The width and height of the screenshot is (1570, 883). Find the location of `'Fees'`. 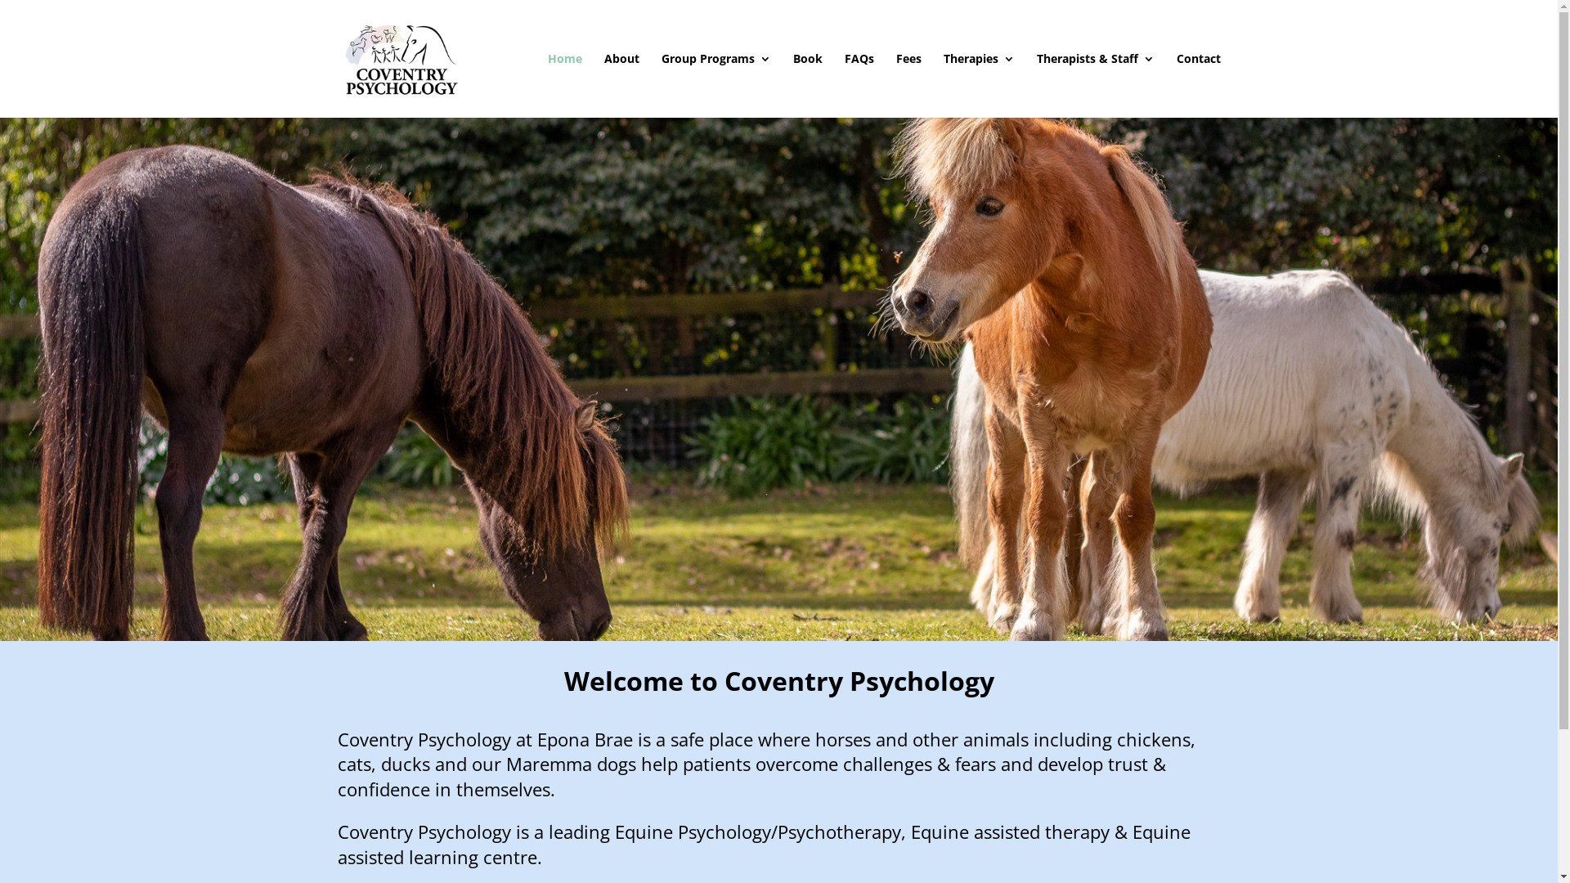

'Fees' is located at coordinates (908, 85).